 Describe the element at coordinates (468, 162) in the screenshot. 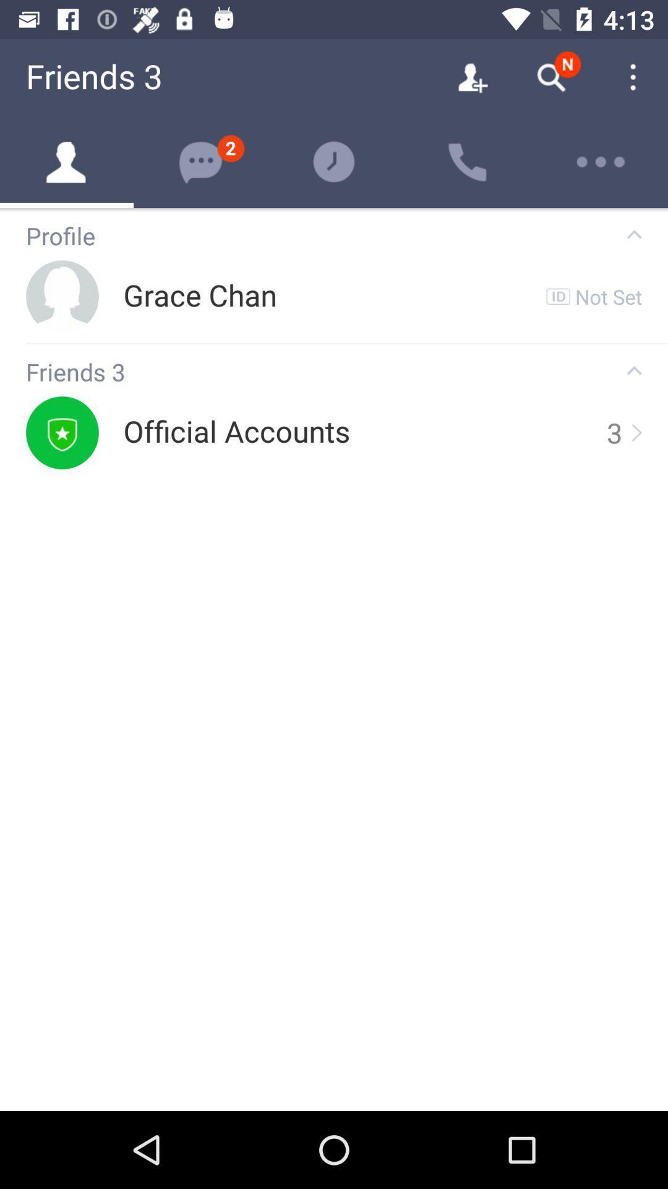

I see `the call icon` at that location.